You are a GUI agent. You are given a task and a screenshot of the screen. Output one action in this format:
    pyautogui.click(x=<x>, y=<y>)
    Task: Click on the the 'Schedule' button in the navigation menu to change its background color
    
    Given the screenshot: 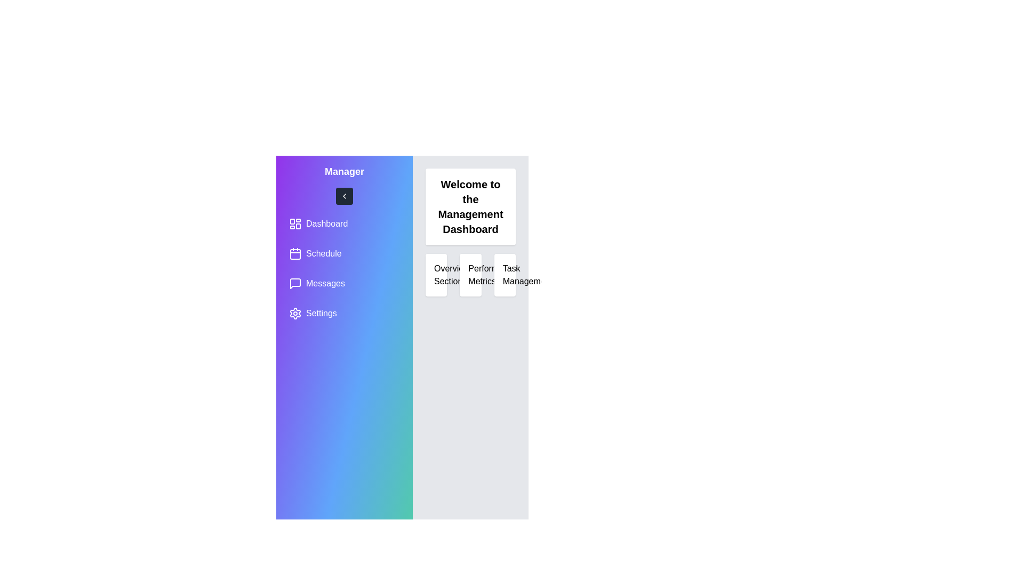 What is the action you would take?
    pyautogui.click(x=345, y=253)
    